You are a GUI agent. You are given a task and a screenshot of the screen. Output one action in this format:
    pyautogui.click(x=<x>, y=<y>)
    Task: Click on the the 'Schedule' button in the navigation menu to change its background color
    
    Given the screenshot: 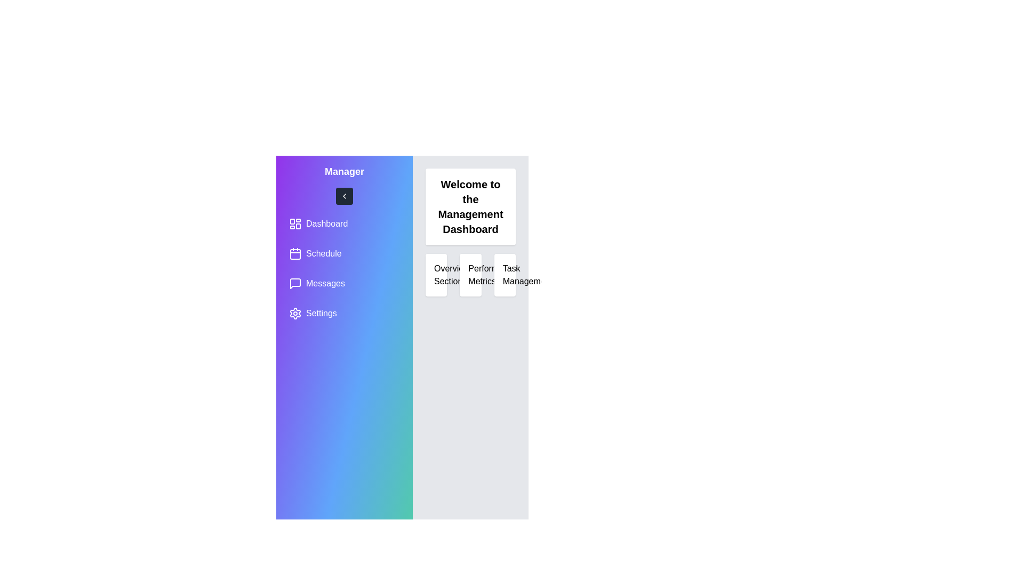 What is the action you would take?
    pyautogui.click(x=345, y=253)
    